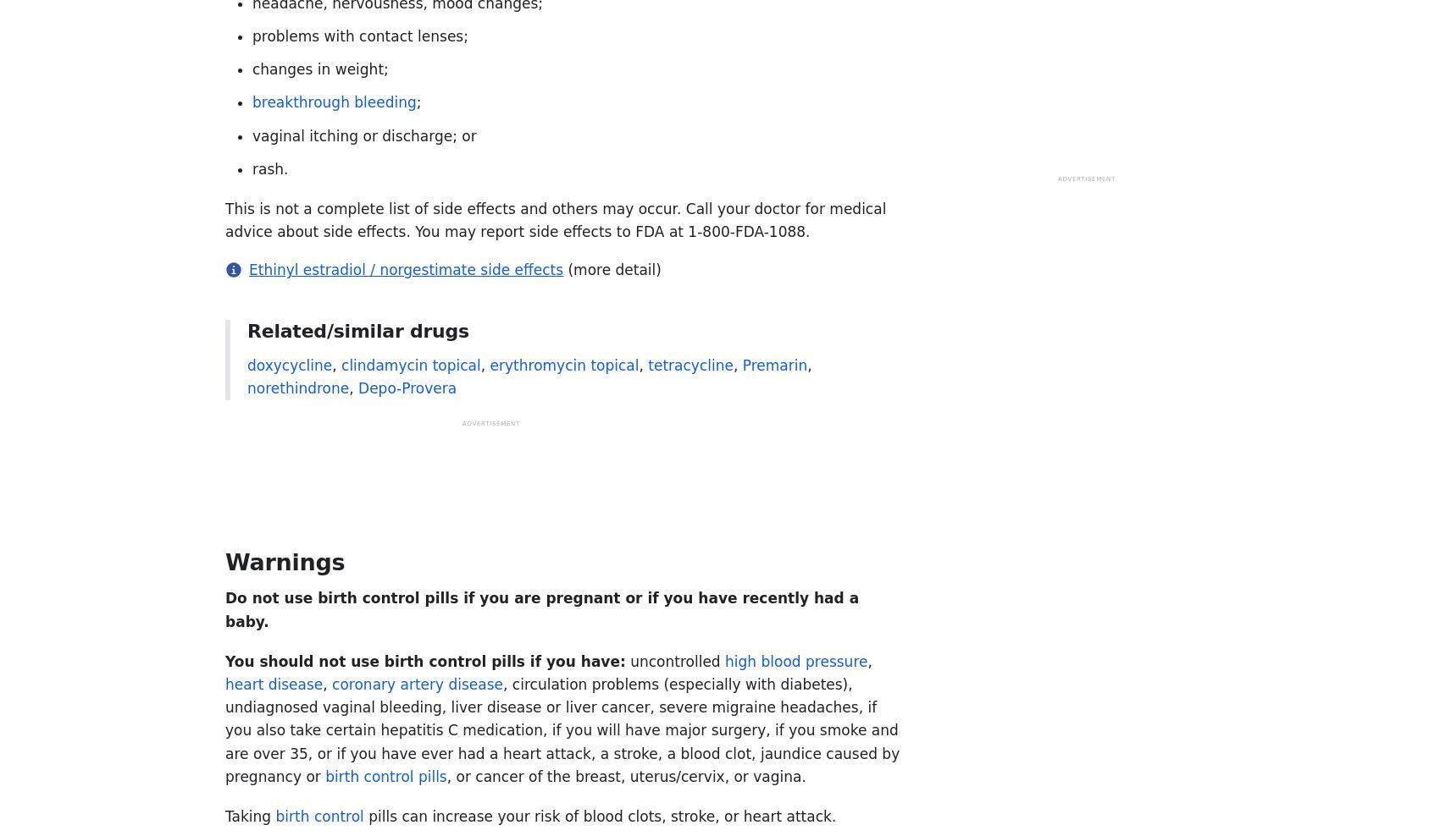  What do you see at coordinates (319, 69) in the screenshot?
I see `'changes in weight;'` at bounding box center [319, 69].